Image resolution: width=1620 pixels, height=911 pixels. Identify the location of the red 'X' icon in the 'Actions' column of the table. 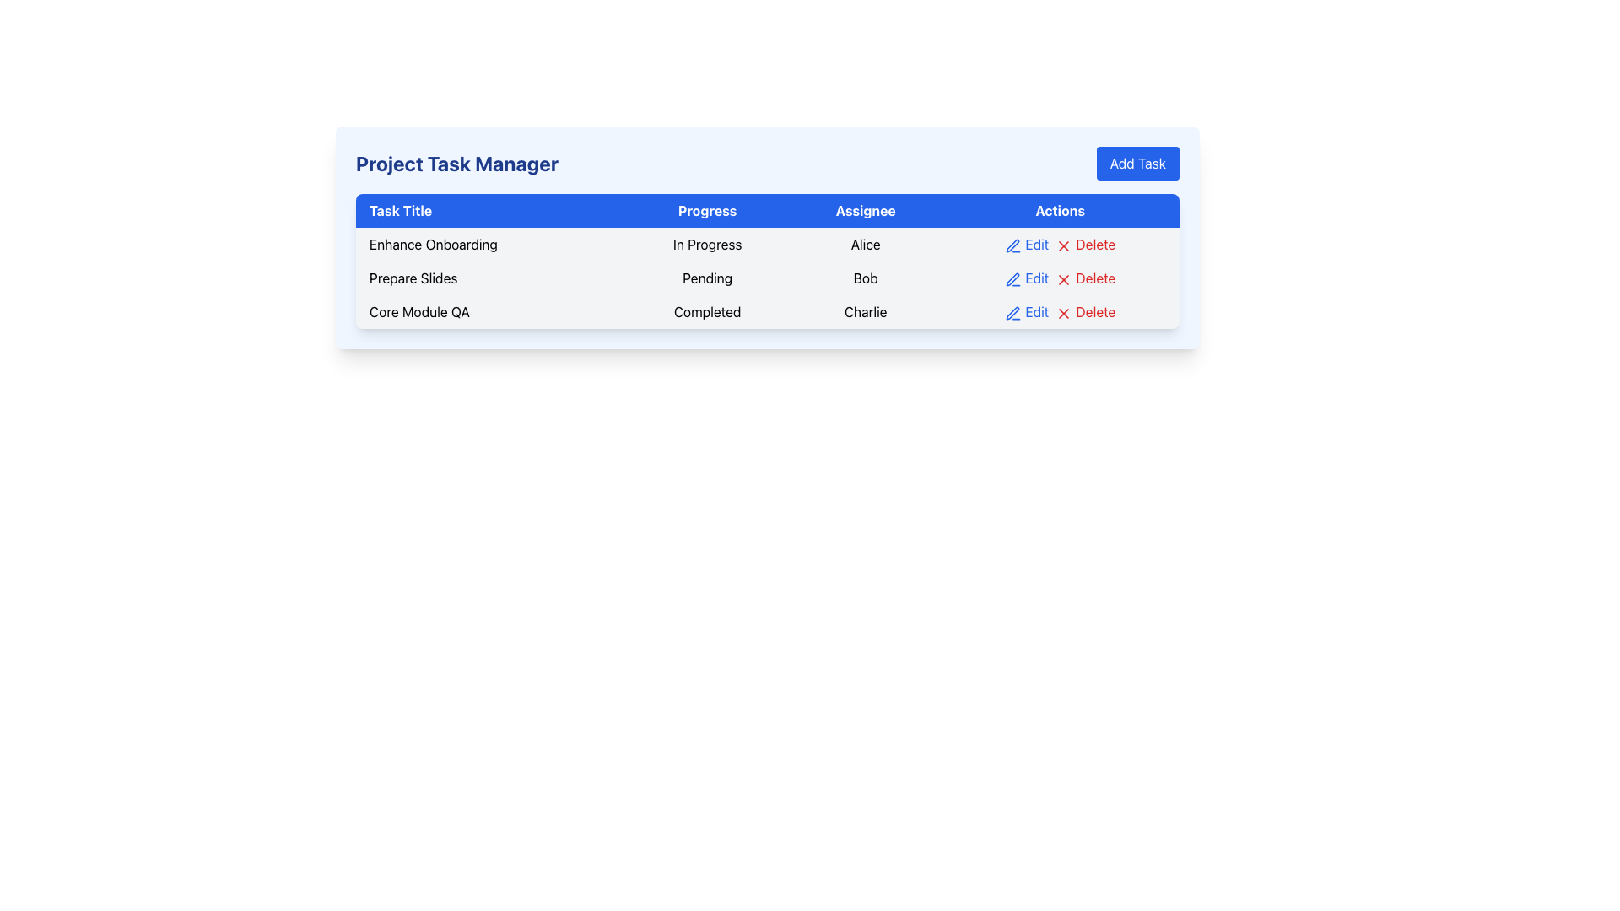
(1063, 245).